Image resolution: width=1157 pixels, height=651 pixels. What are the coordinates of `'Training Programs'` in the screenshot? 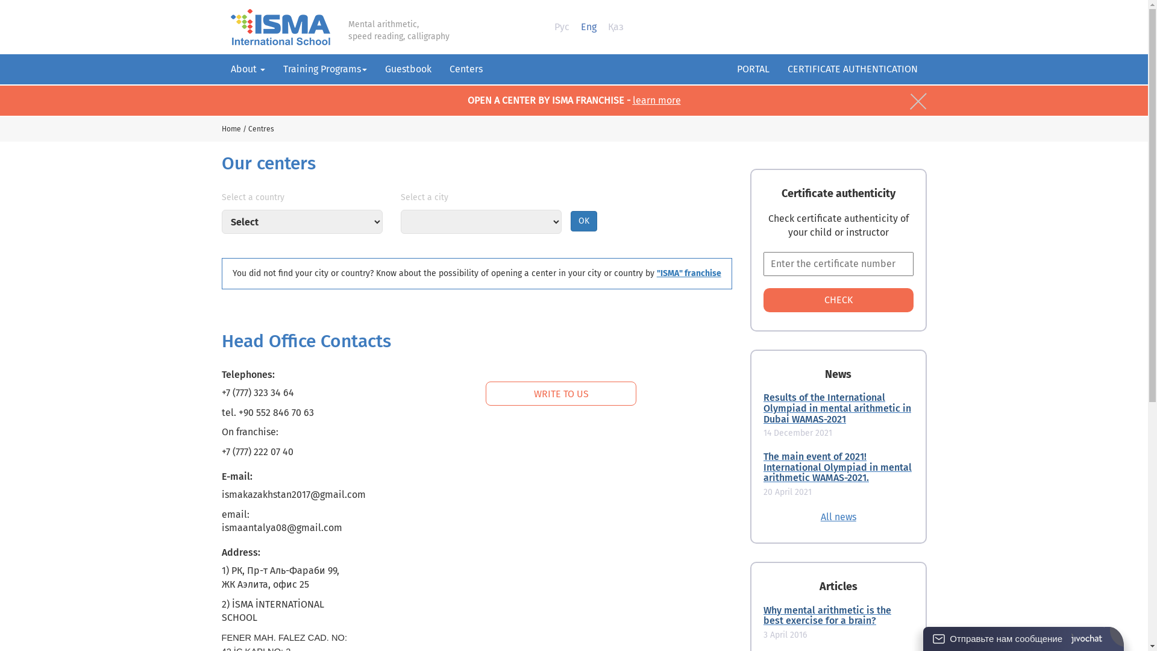 It's located at (324, 69).